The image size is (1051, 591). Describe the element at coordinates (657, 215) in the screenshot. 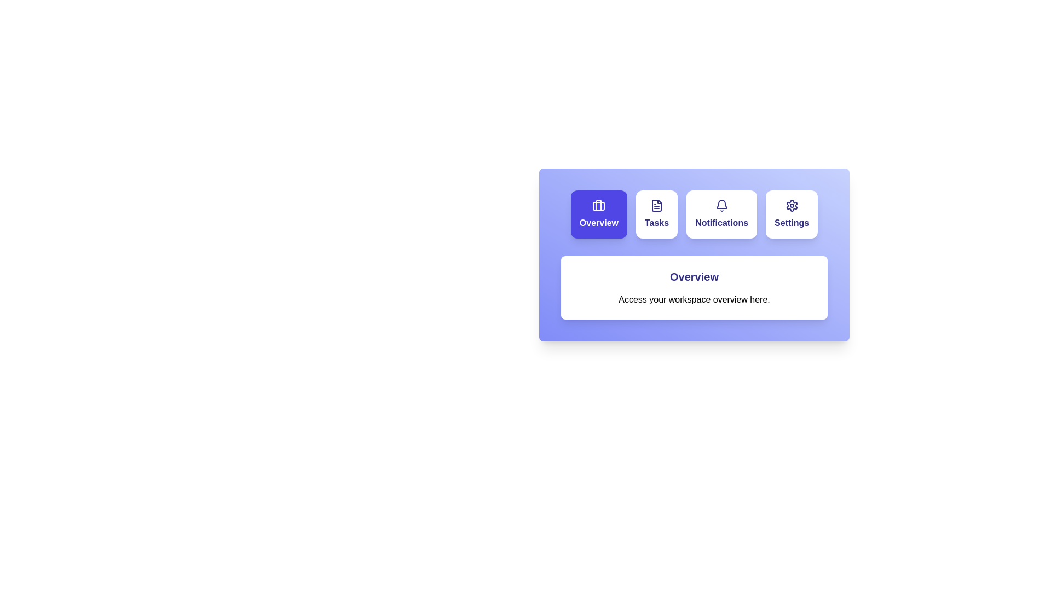

I see `the Tasks tab by clicking on it` at that location.